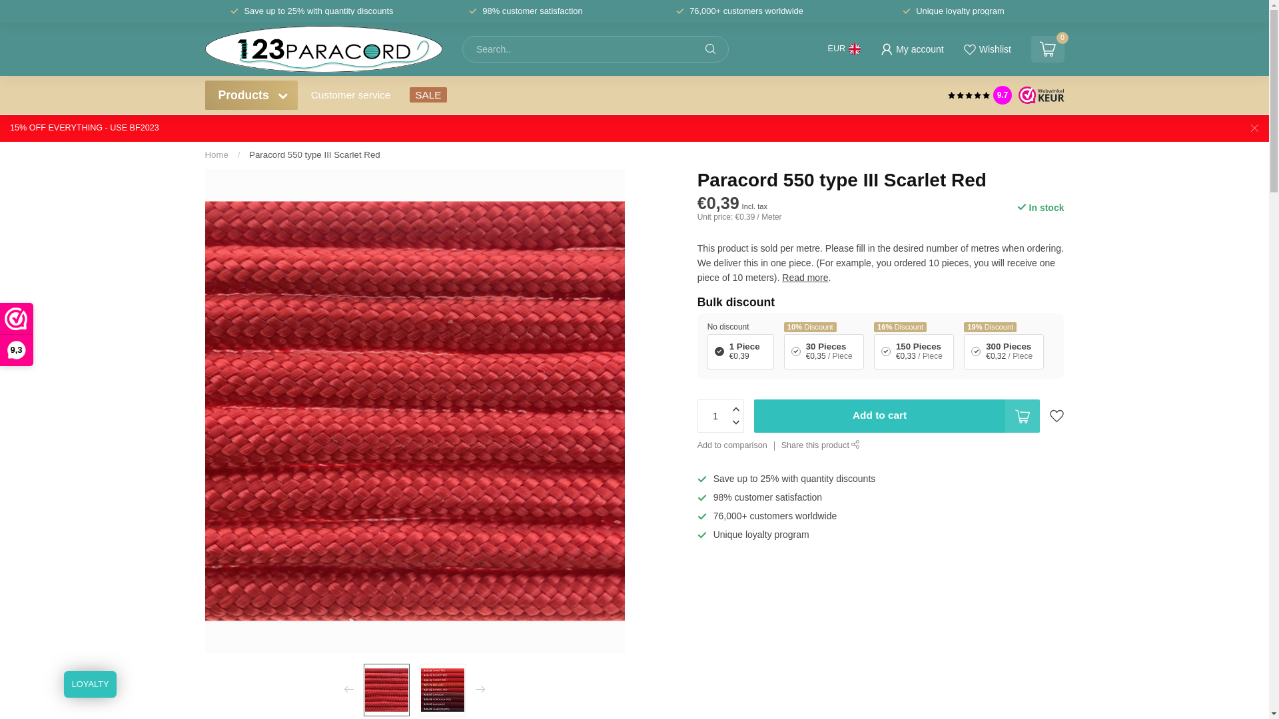 The width and height of the screenshot is (1279, 719). I want to click on '9,3', so click(0, 334).